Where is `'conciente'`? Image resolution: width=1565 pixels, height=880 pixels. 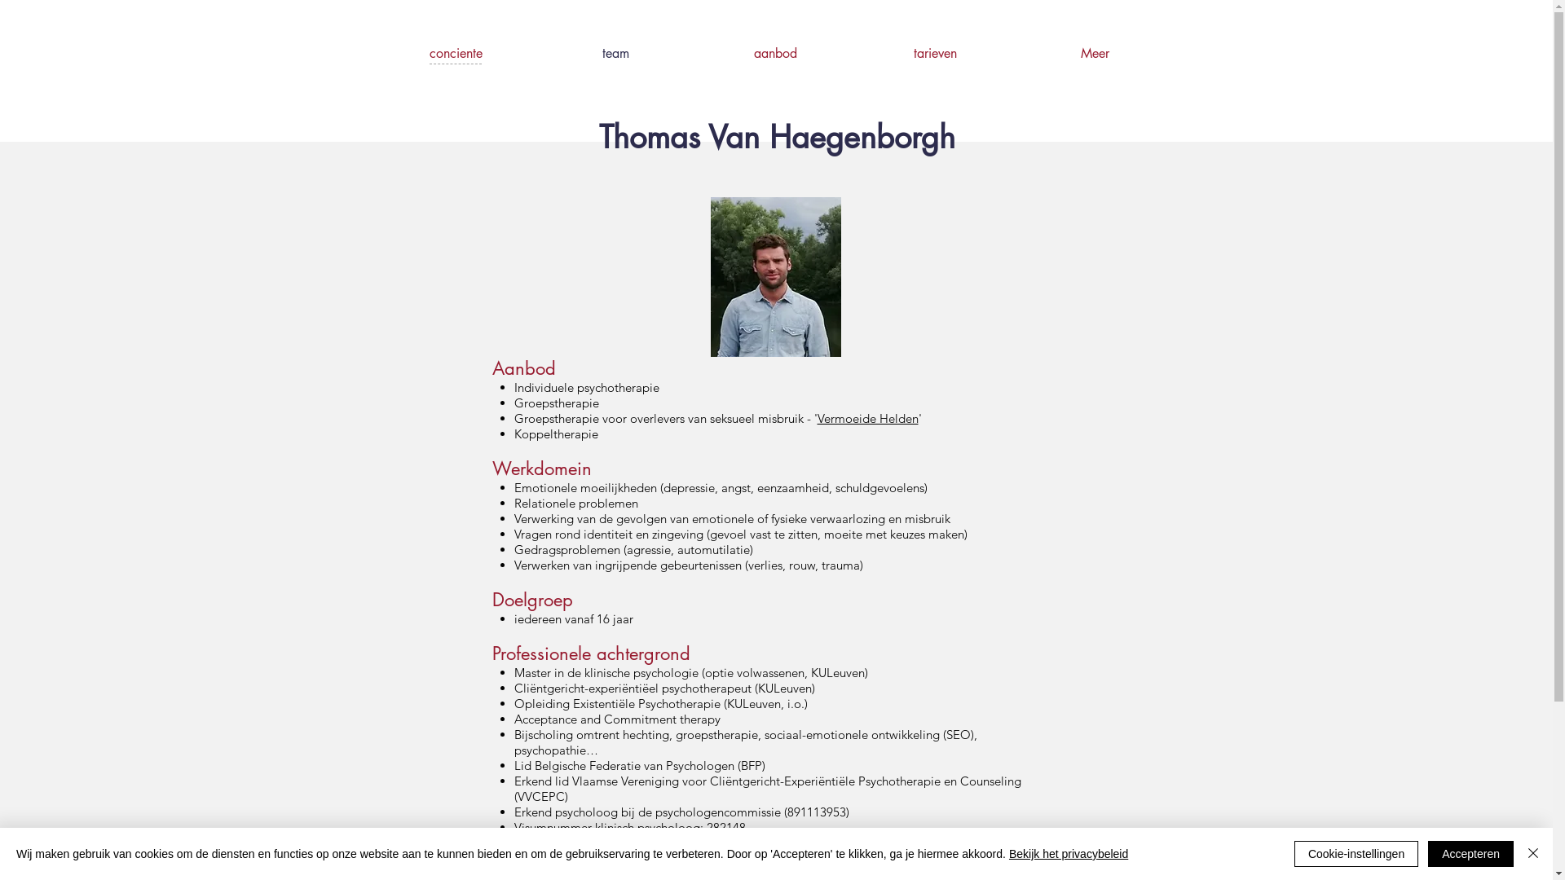
'conciente' is located at coordinates (456, 52).